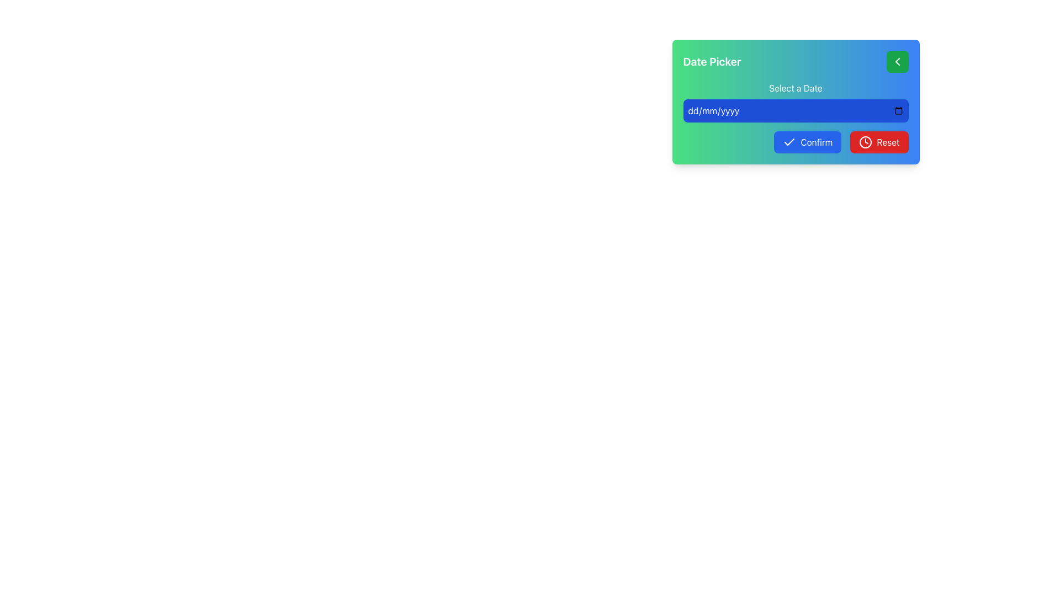 The height and width of the screenshot is (596, 1060). I want to click on the green rectangular button with rounded corners containing a left-pointing chevron icon, so click(897, 61).